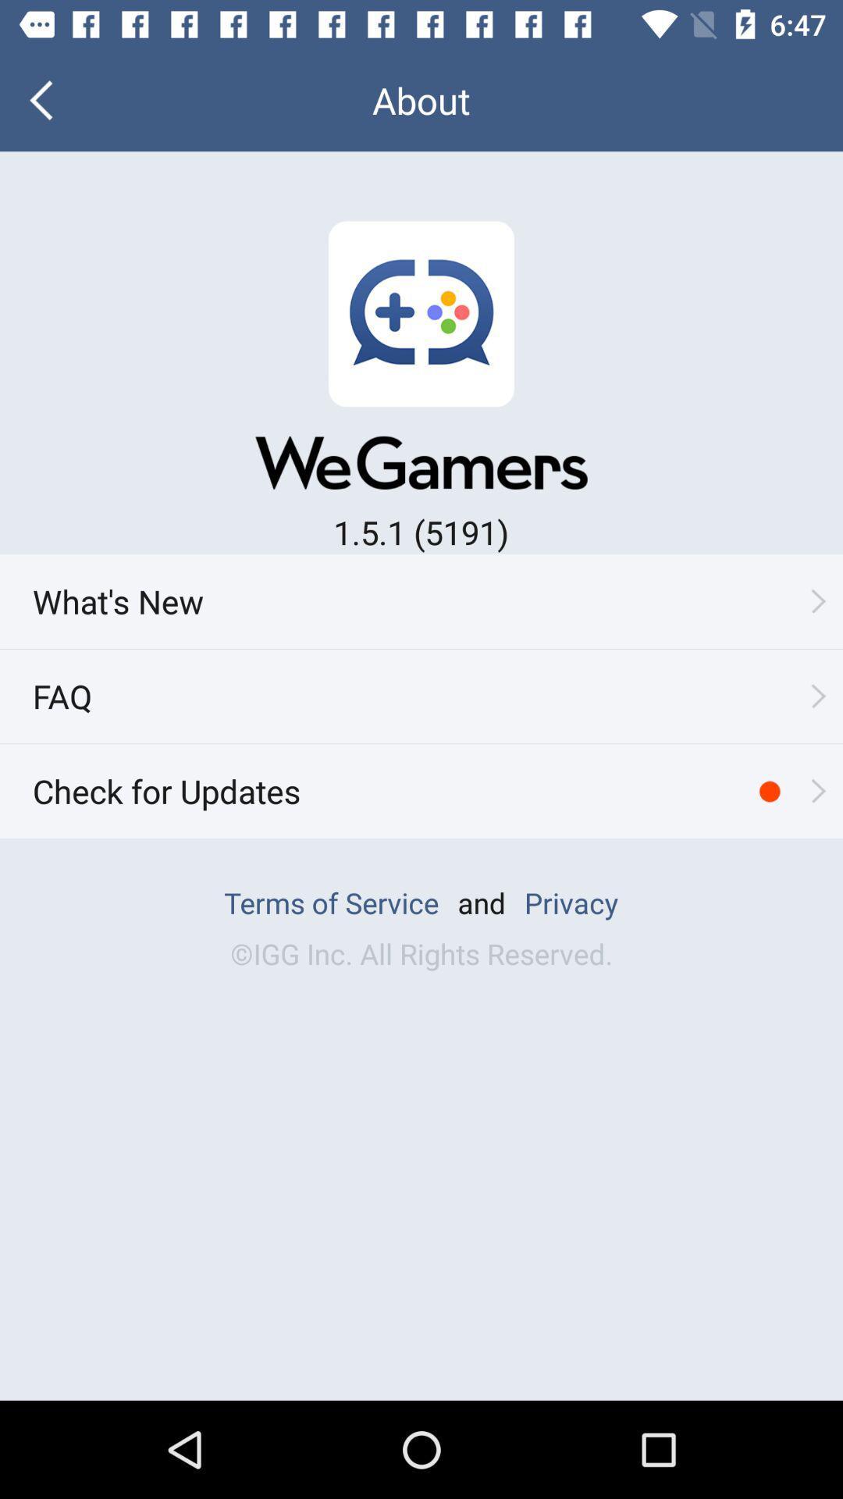 The width and height of the screenshot is (843, 1499). What do you see at coordinates (330, 903) in the screenshot?
I see `the text left of and` at bounding box center [330, 903].